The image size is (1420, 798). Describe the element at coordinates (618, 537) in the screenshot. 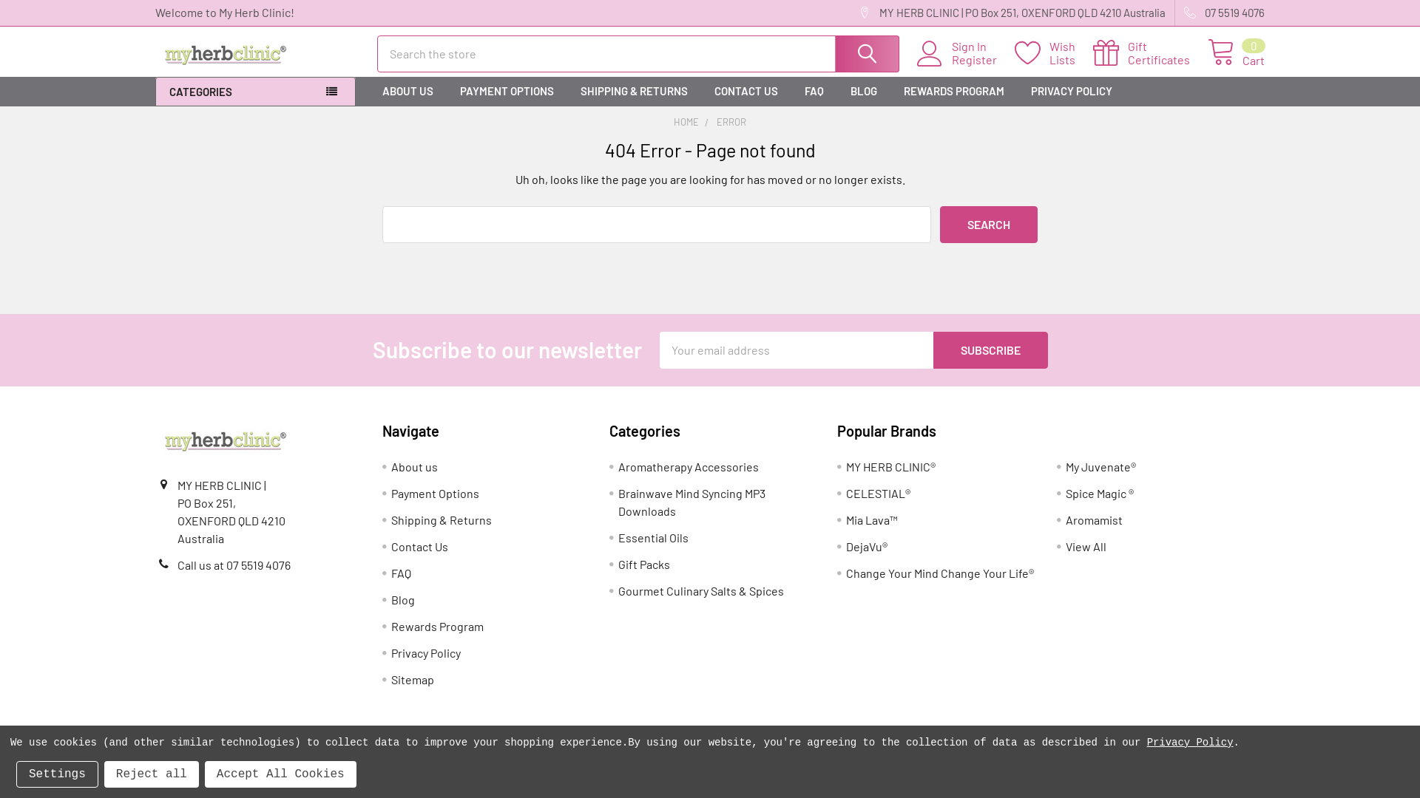

I see `'Essential Oils'` at that location.